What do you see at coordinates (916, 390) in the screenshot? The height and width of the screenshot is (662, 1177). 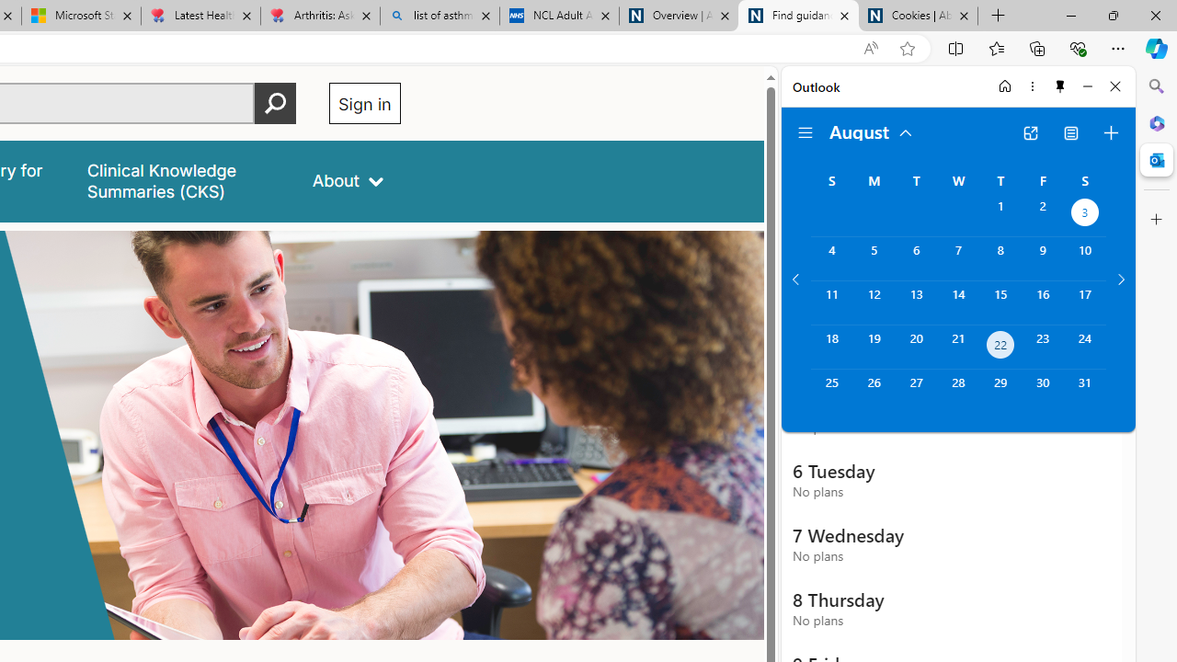 I see `'Tuesday, August 27, 2024. '` at bounding box center [916, 390].